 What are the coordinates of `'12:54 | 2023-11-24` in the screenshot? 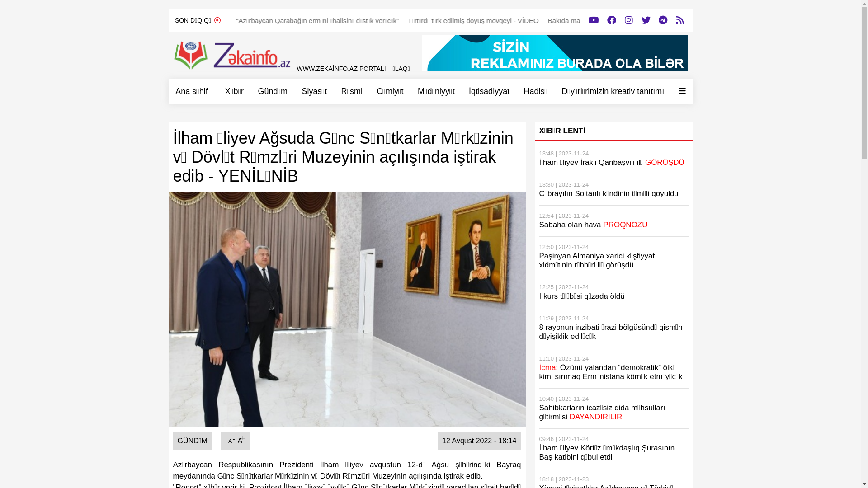 It's located at (613, 221).